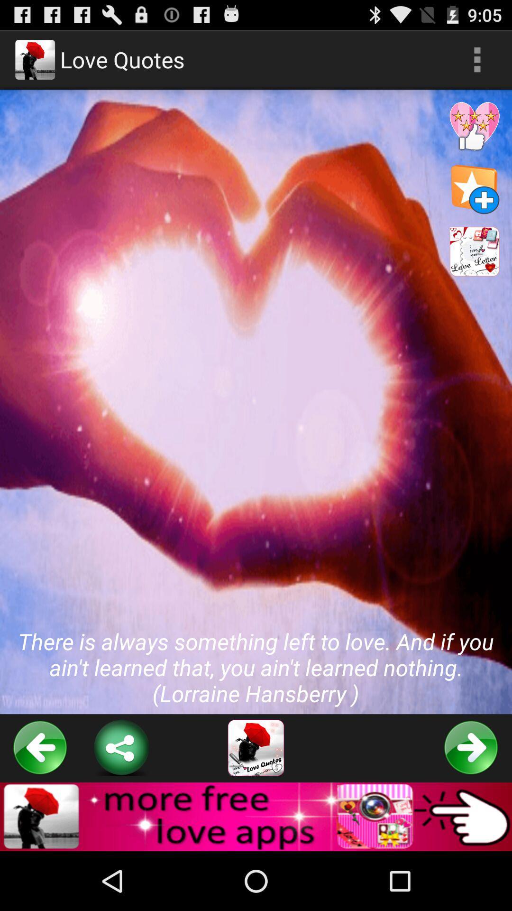  I want to click on the icon to the right of love quotes icon, so click(477, 59).